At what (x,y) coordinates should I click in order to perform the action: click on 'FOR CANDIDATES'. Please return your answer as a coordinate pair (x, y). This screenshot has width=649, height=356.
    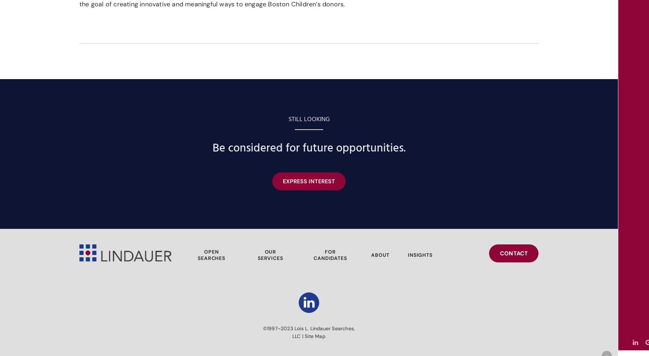
    Looking at the image, I should click on (330, 255).